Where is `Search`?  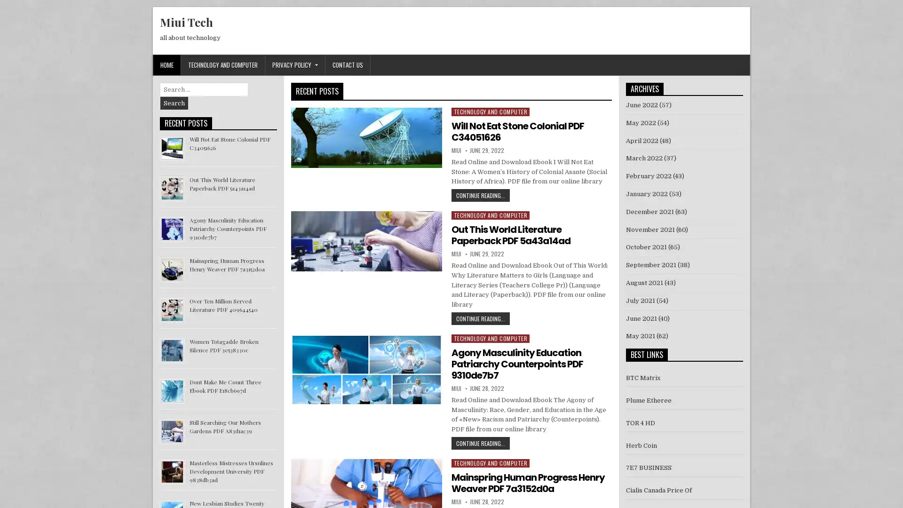
Search is located at coordinates (174, 103).